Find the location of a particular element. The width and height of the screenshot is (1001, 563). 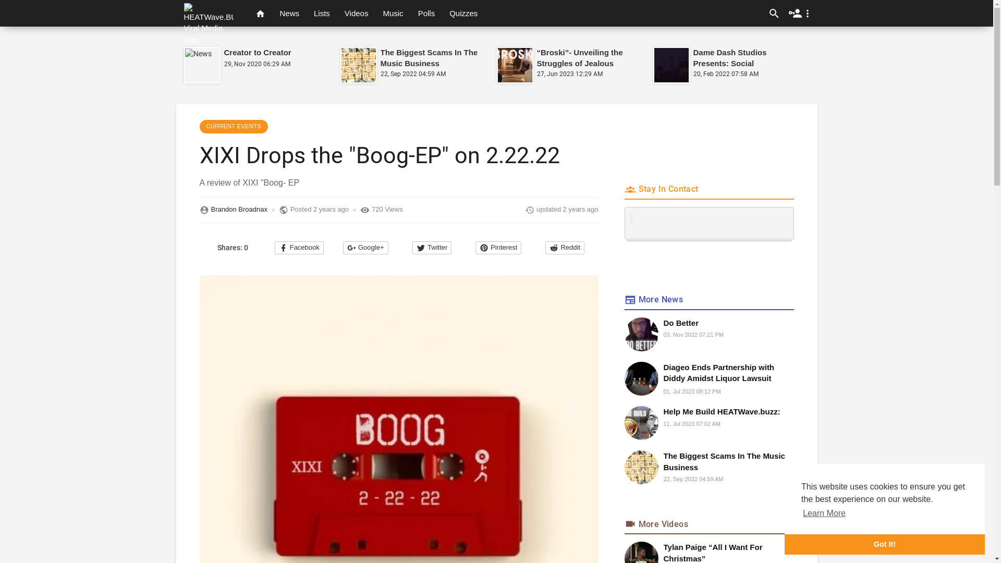

'Quizzes' is located at coordinates (462, 13).